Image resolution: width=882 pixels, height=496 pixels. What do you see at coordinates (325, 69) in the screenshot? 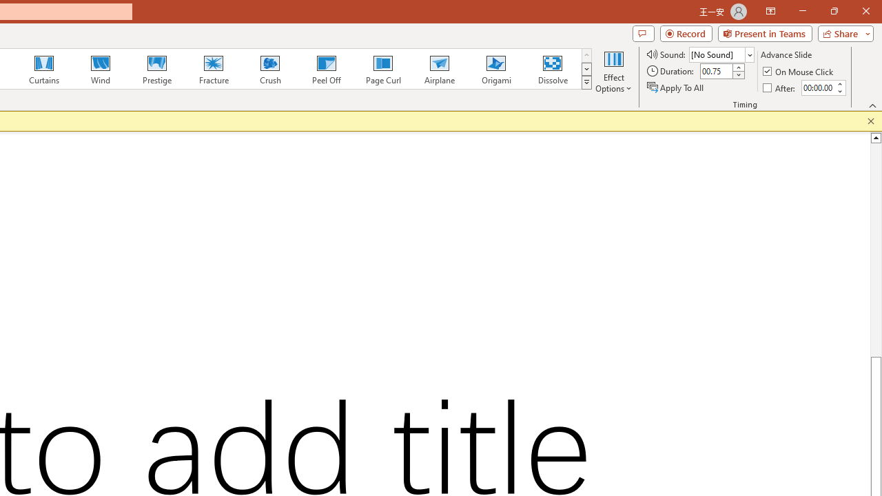
I see `'Peel Off'` at bounding box center [325, 69].